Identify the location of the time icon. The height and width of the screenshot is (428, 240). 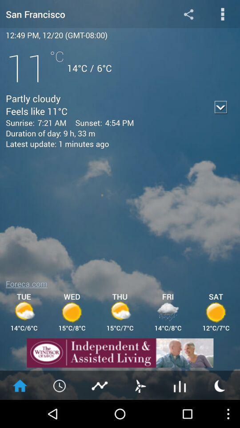
(60, 412).